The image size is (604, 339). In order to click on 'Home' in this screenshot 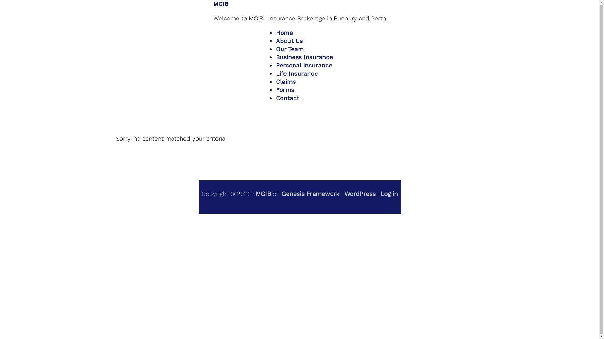, I will do `click(276, 33)`.